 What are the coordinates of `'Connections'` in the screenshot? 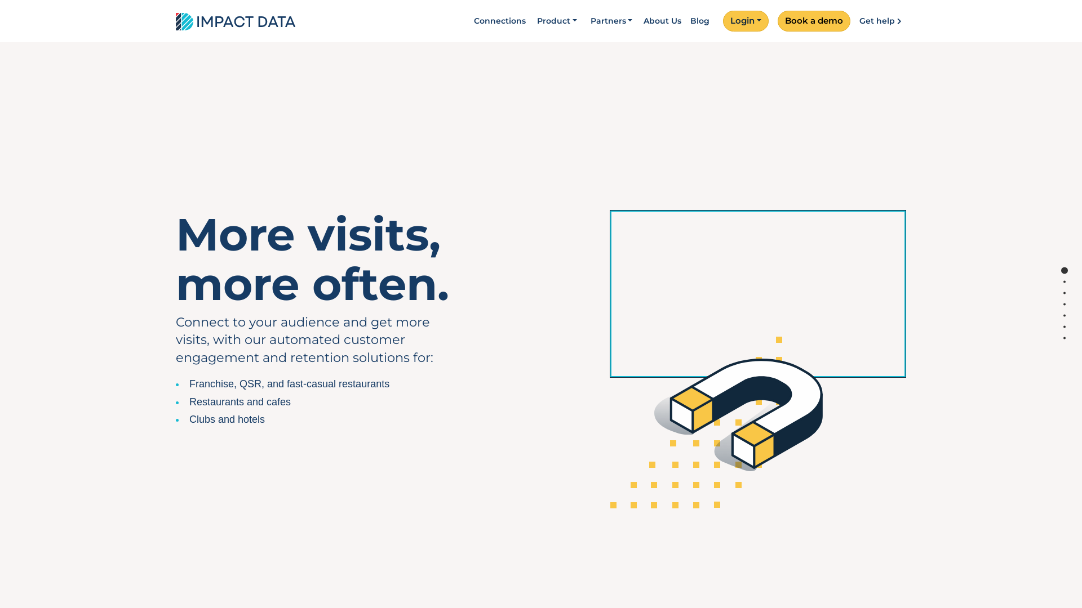 It's located at (469, 21).